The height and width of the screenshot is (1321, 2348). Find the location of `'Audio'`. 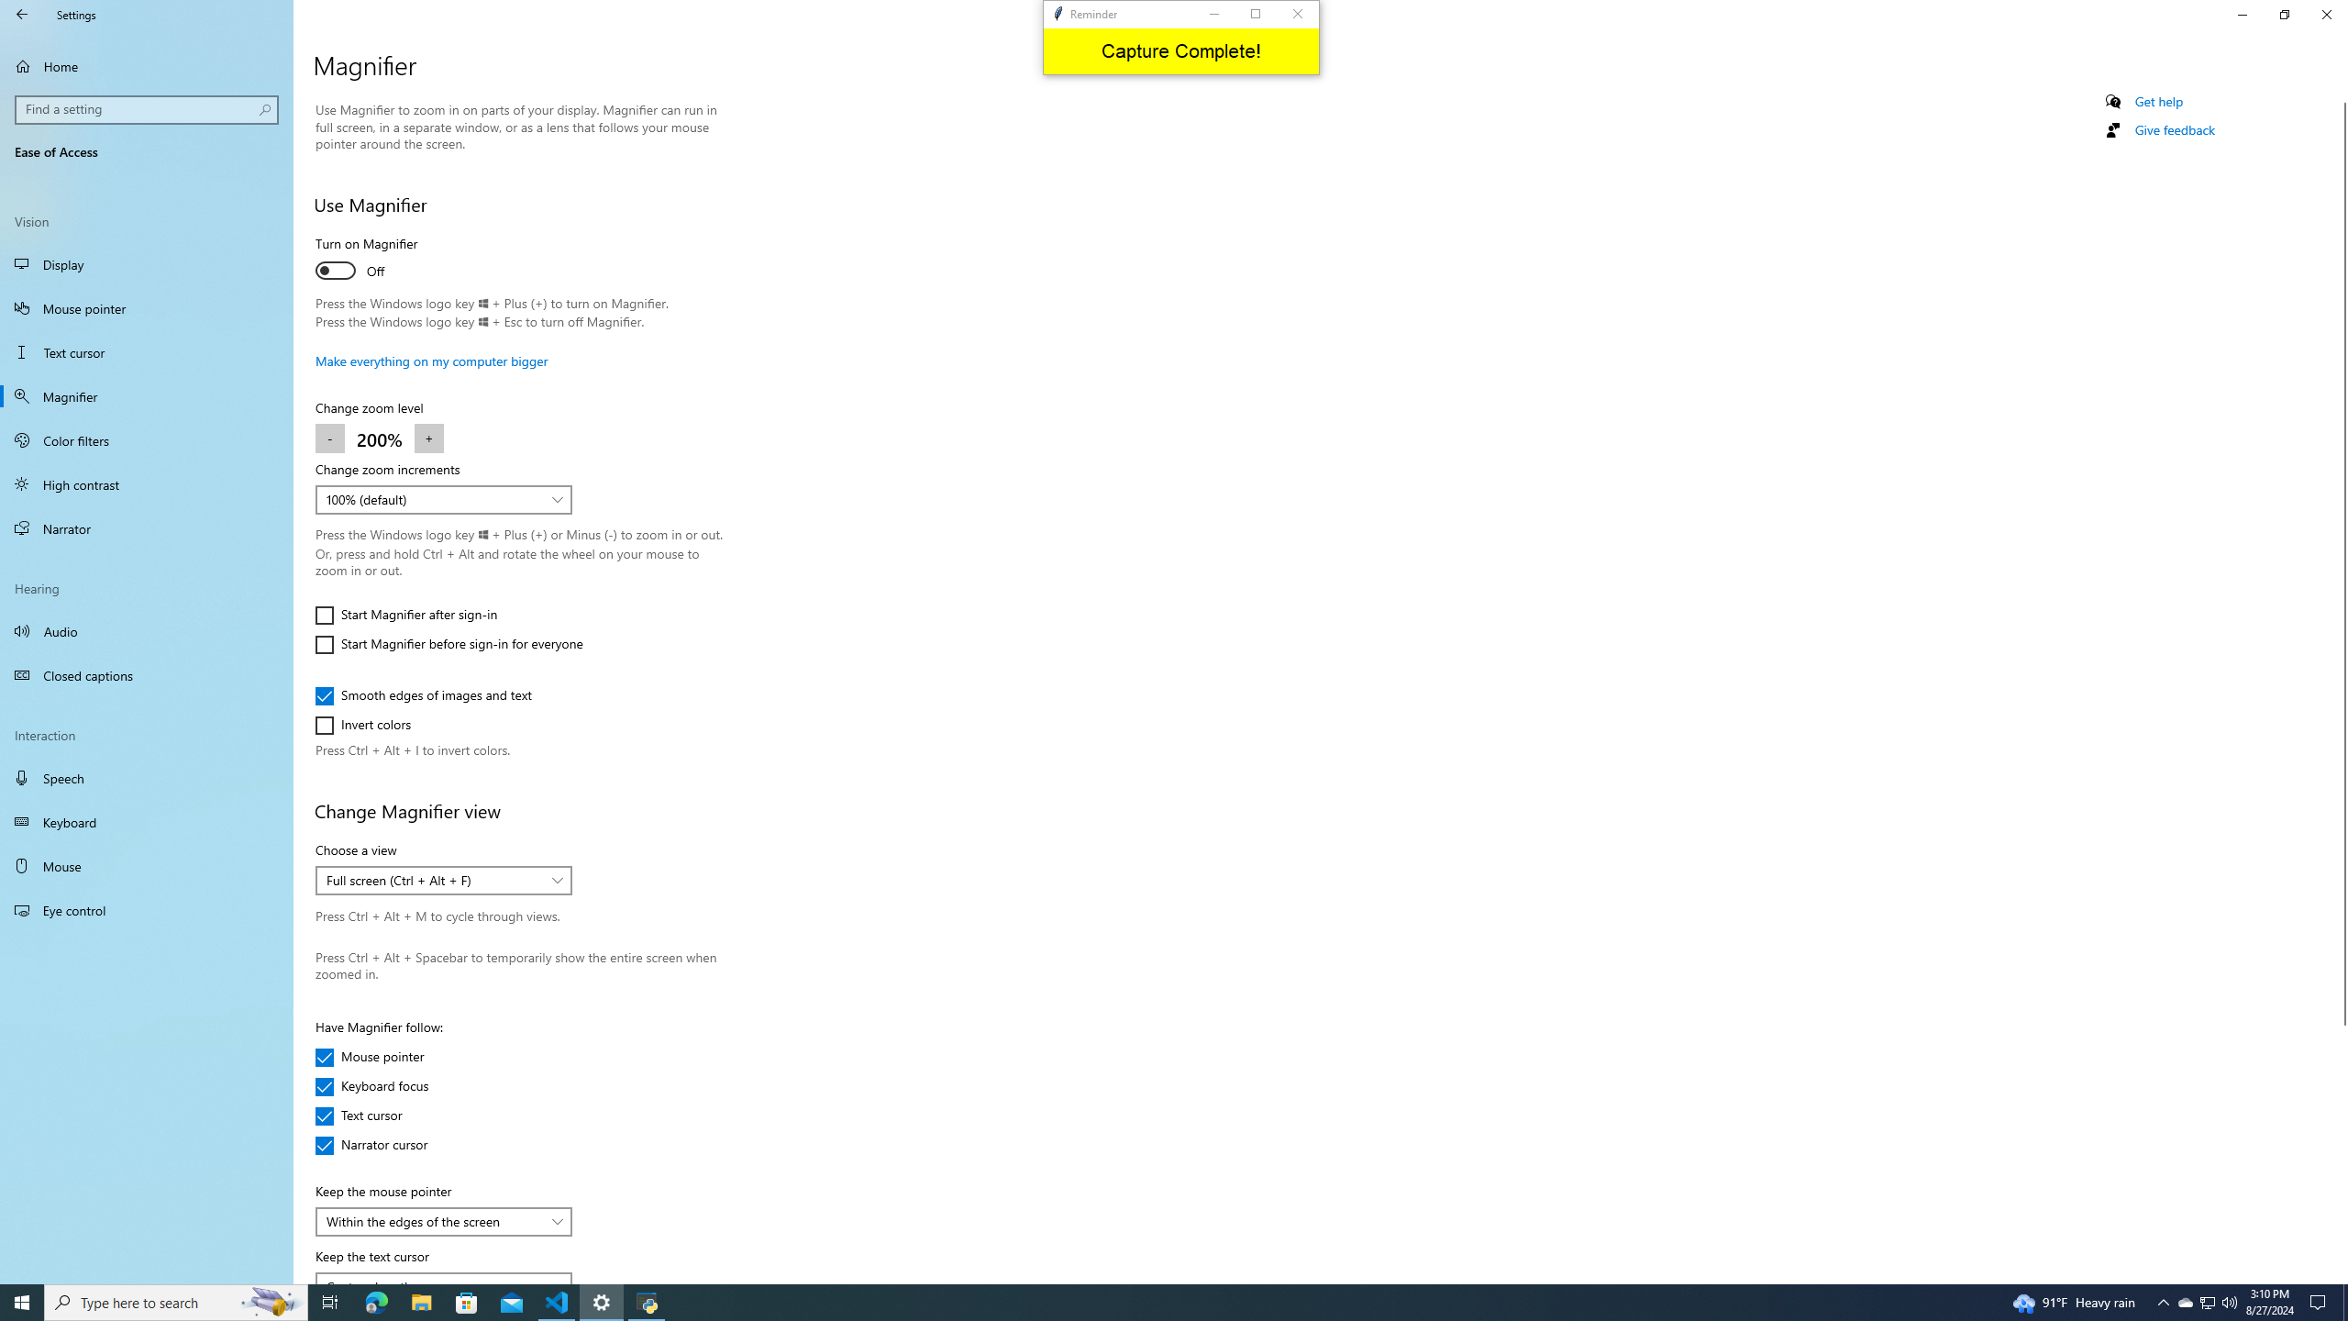

'Audio' is located at coordinates (146, 629).